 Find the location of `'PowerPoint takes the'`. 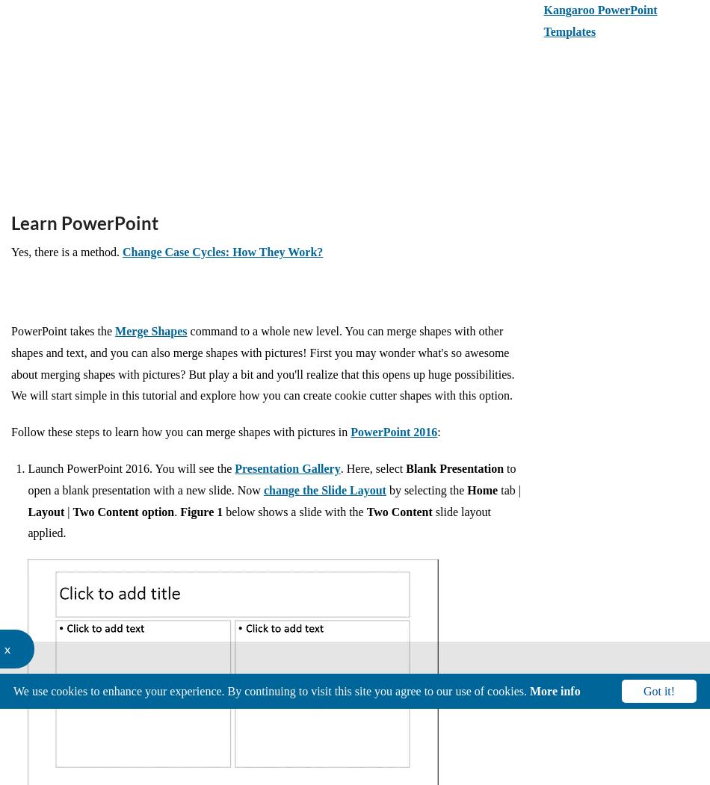

'PowerPoint takes the' is located at coordinates (11, 330).